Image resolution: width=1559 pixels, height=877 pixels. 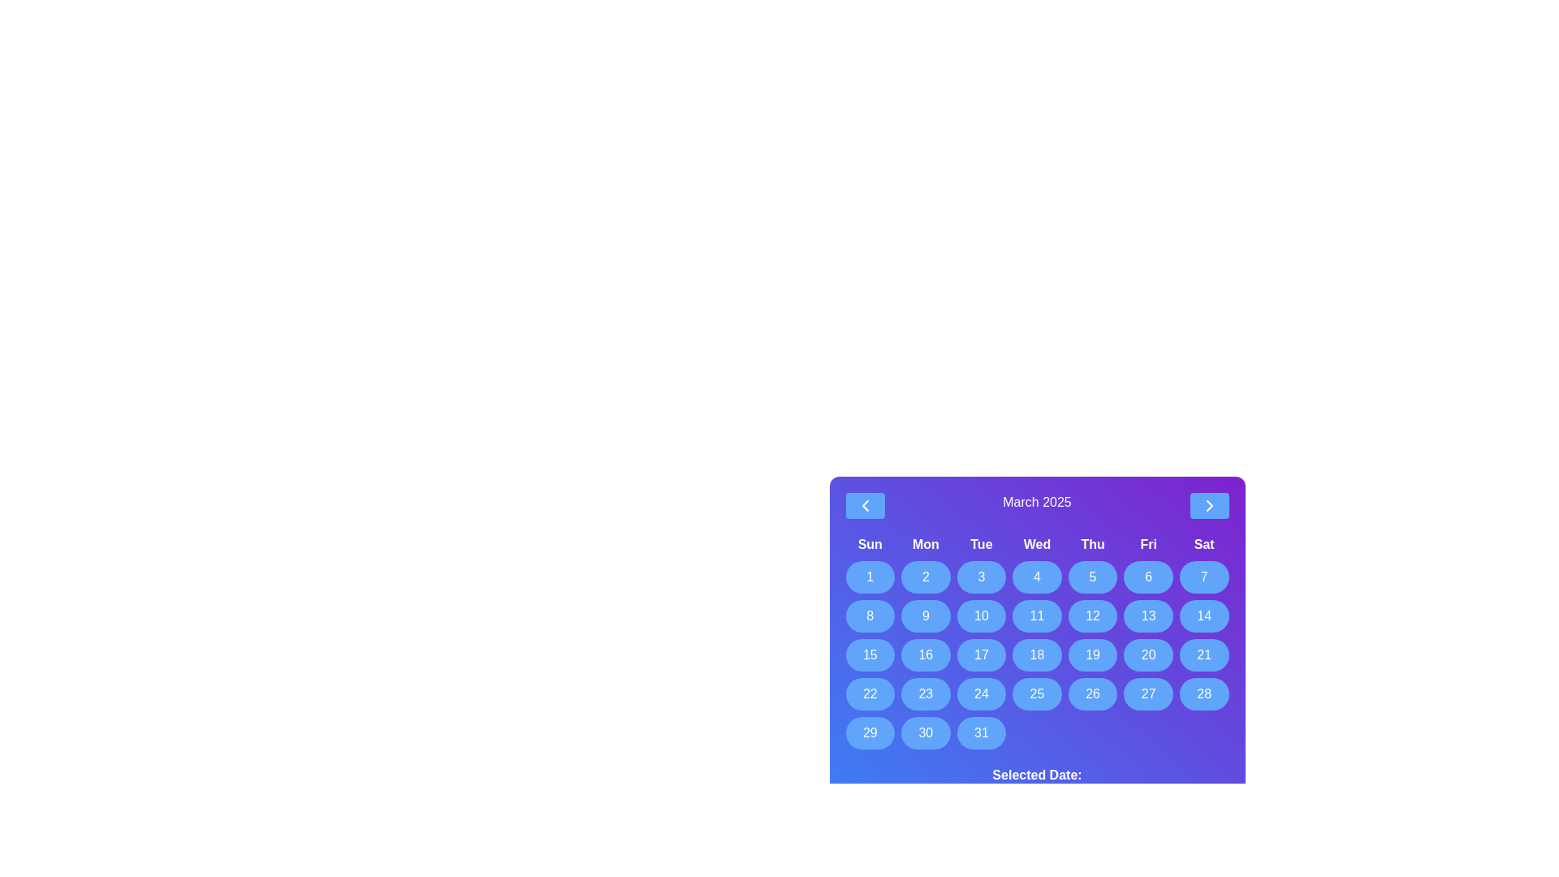 What do you see at coordinates (869, 576) in the screenshot?
I see `the first day button in the calendar grid under the 'Sun' header` at bounding box center [869, 576].